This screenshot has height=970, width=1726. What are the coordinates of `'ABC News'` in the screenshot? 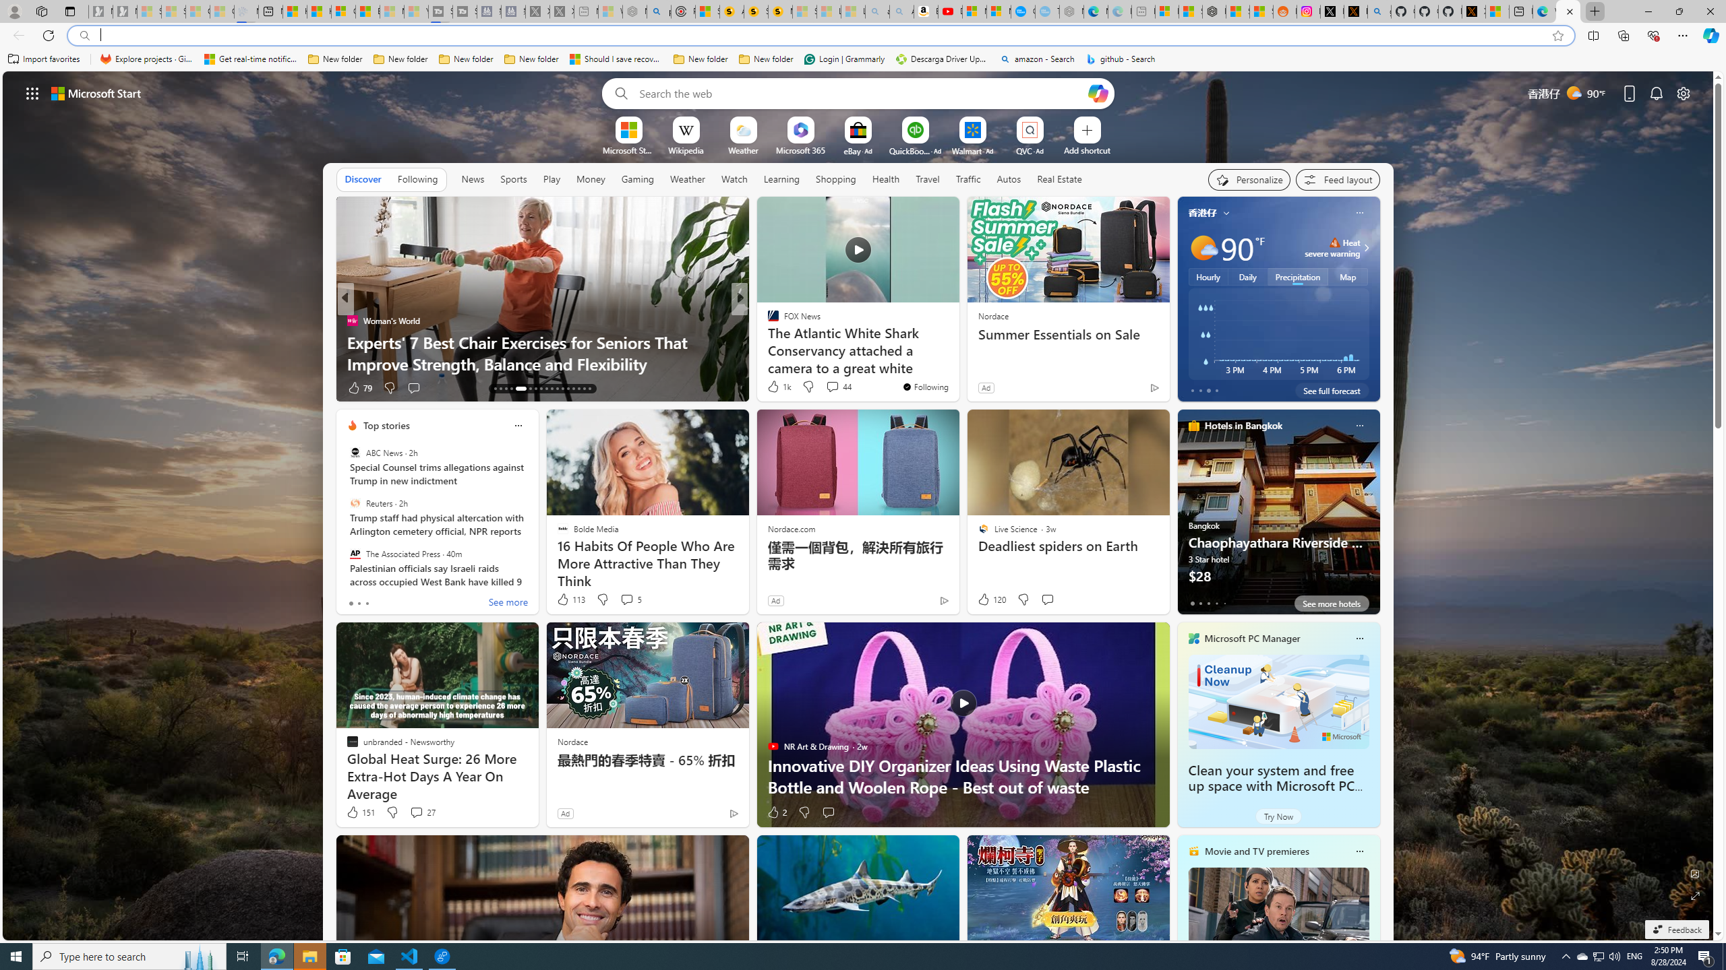 It's located at (354, 452).